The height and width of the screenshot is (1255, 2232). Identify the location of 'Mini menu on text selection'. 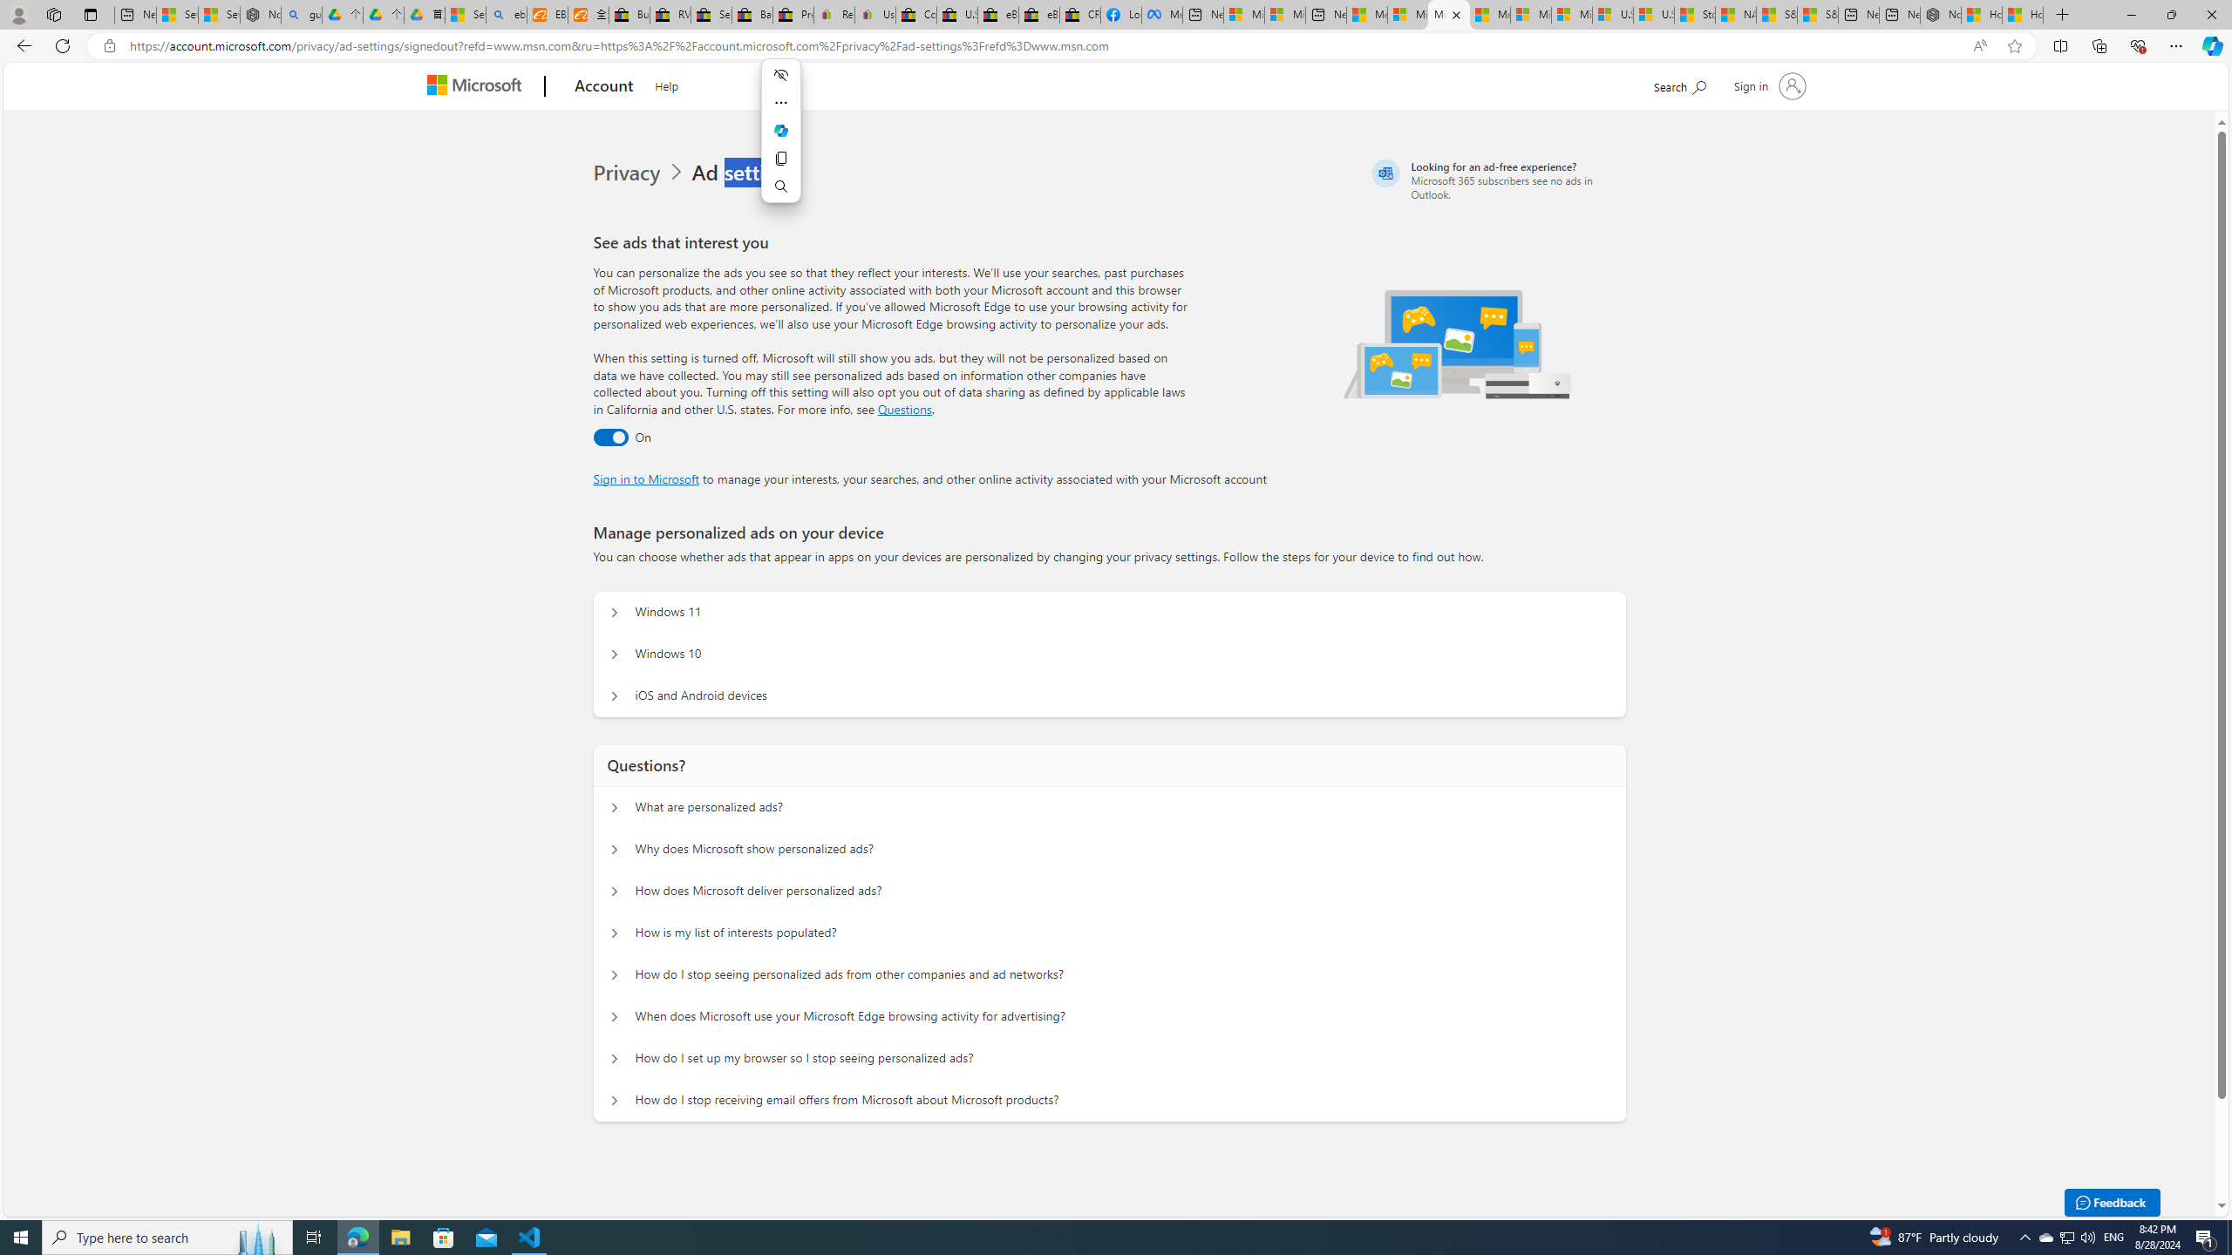
(781, 140).